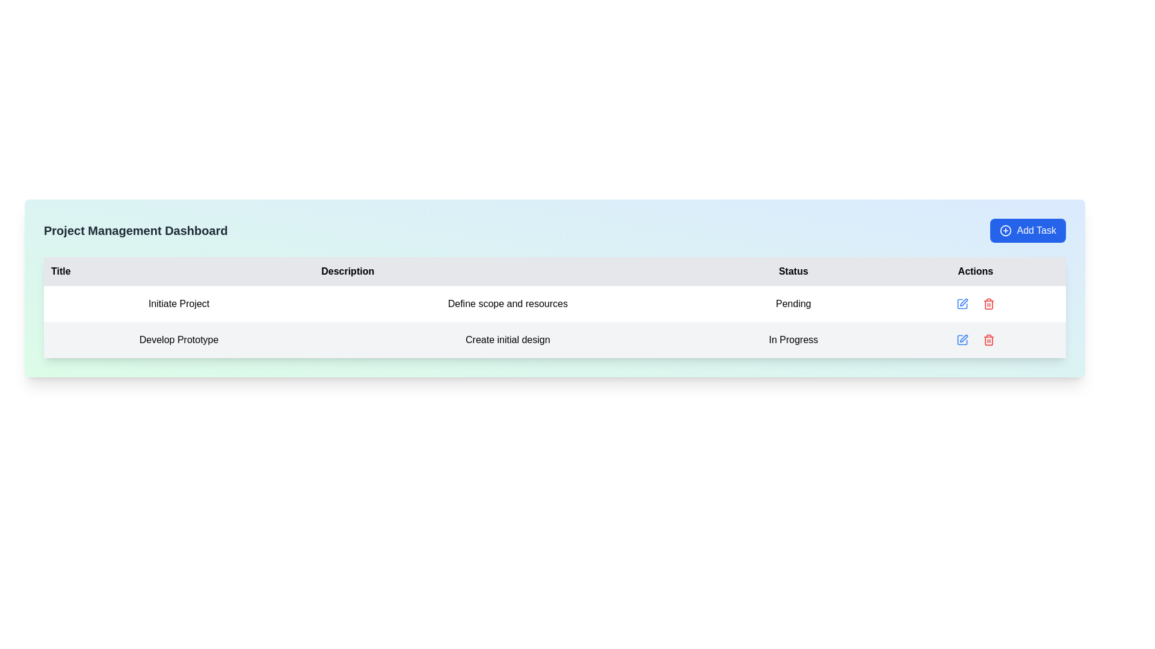  I want to click on the red trash can icon button representing the delete action in the second row of the Actions column, so click(988, 340).